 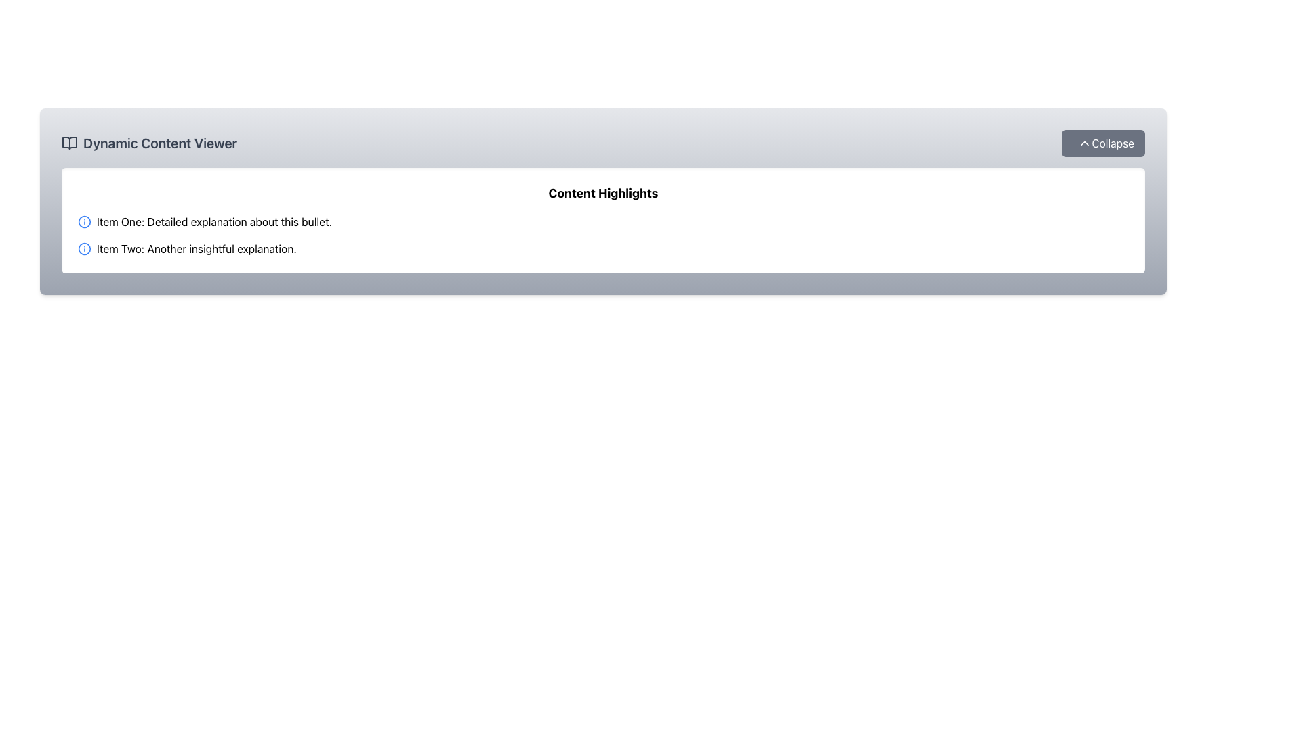 I want to click on the open book icon located in the upper left corner of the 'Dynamic Content Viewer' panel for content representation, so click(x=68, y=143).